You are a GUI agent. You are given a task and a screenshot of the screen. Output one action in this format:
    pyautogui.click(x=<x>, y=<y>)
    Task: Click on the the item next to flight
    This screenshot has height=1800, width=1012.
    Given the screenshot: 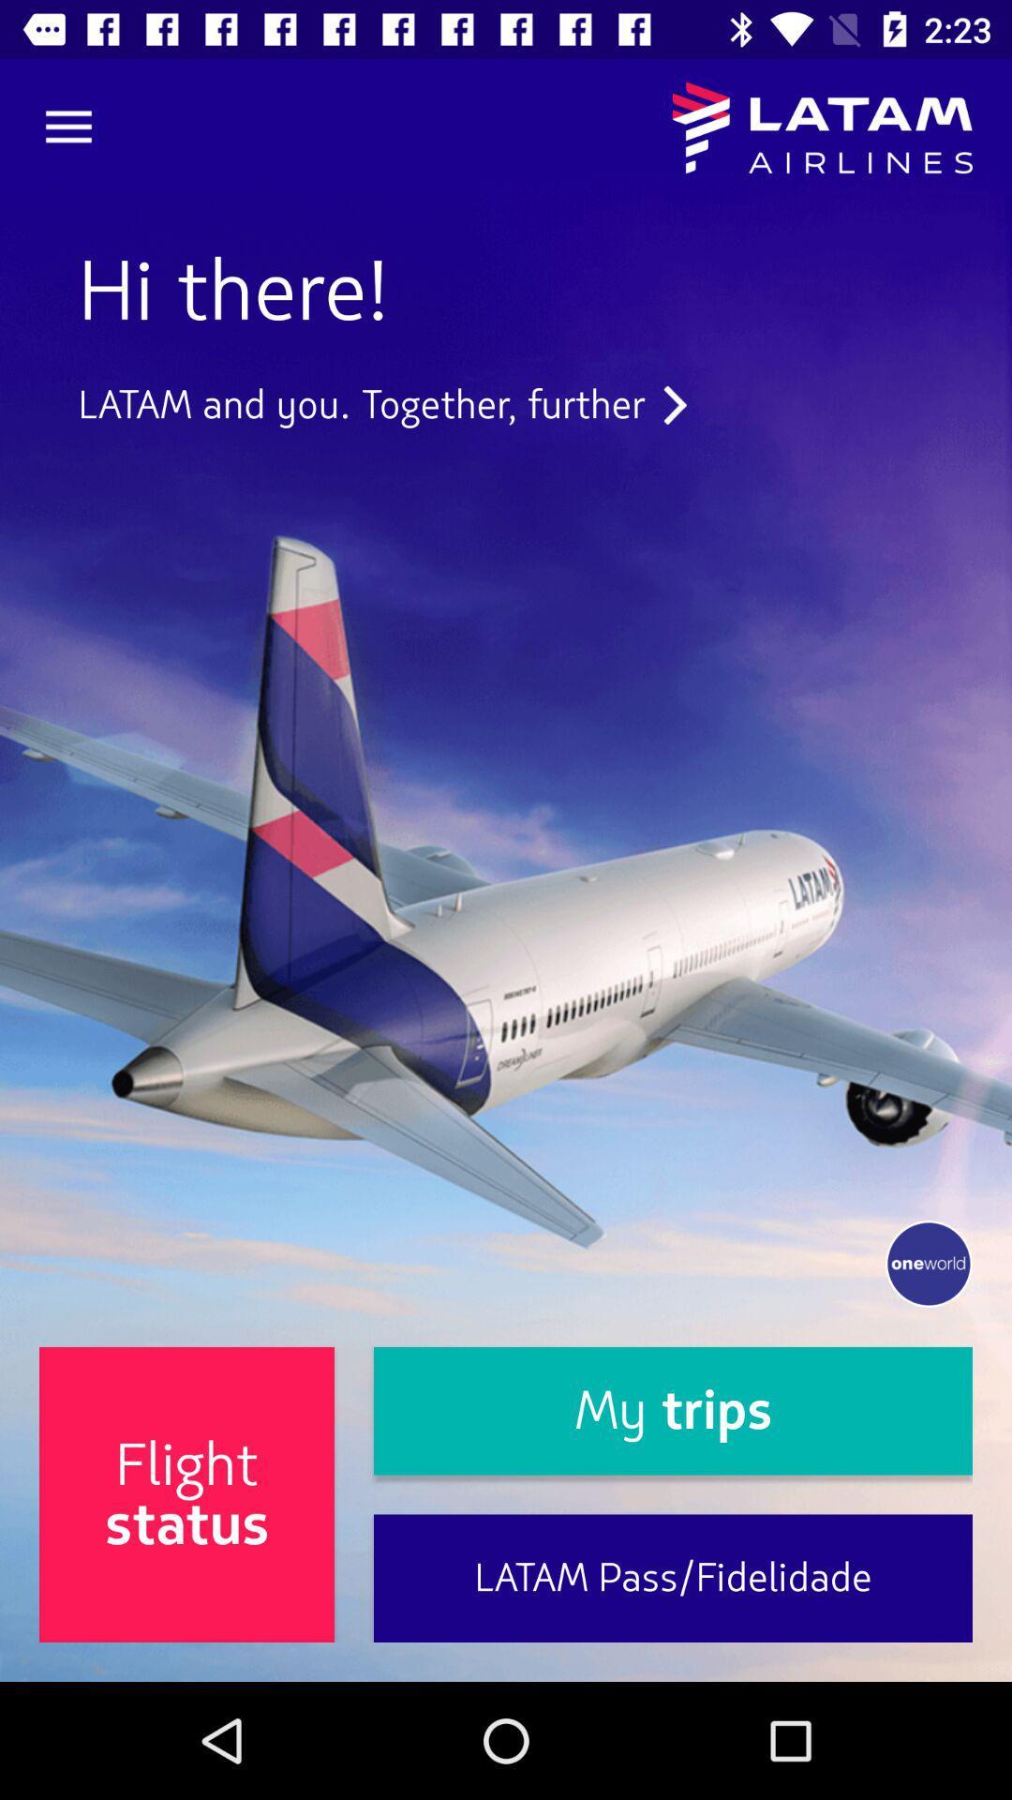 What is the action you would take?
    pyautogui.click(x=672, y=1577)
    